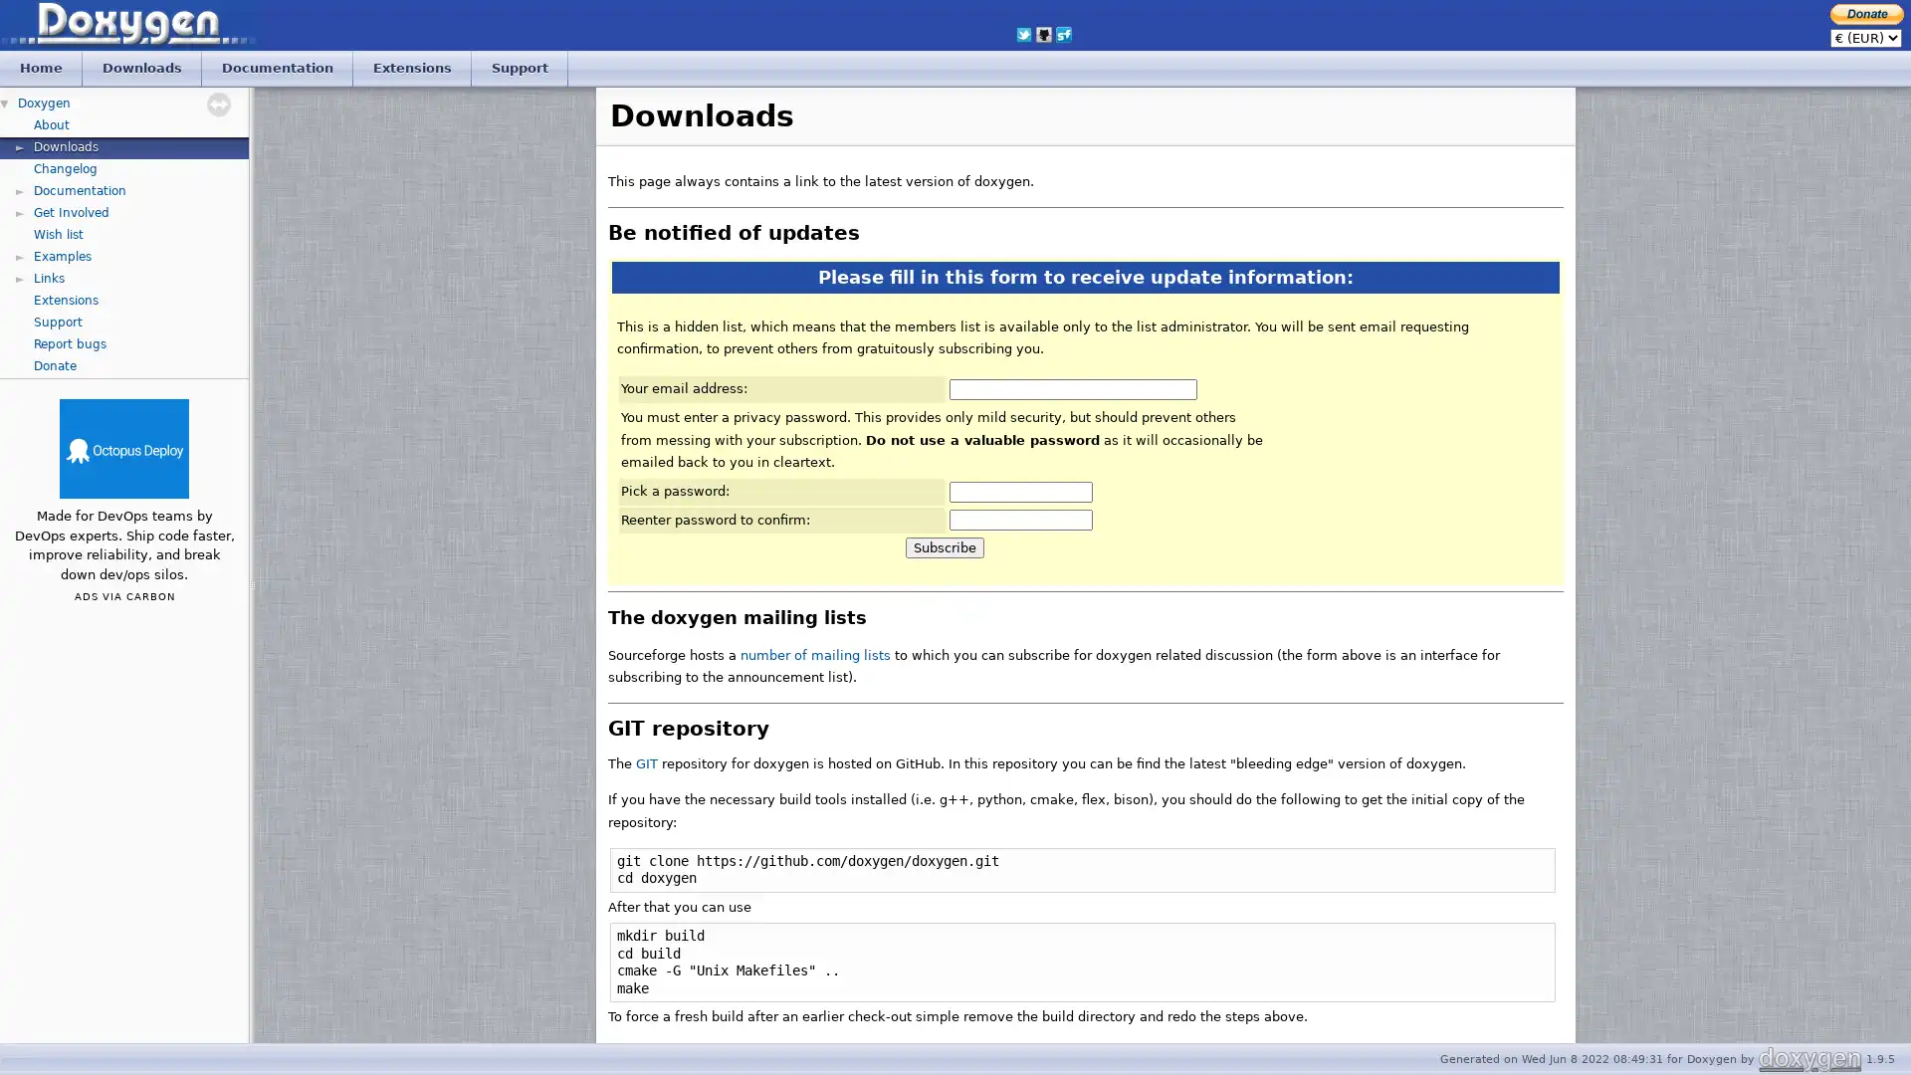  Describe the element at coordinates (1866, 13) in the screenshot. I see `Donate to Doxygen with PayPal!` at that location.